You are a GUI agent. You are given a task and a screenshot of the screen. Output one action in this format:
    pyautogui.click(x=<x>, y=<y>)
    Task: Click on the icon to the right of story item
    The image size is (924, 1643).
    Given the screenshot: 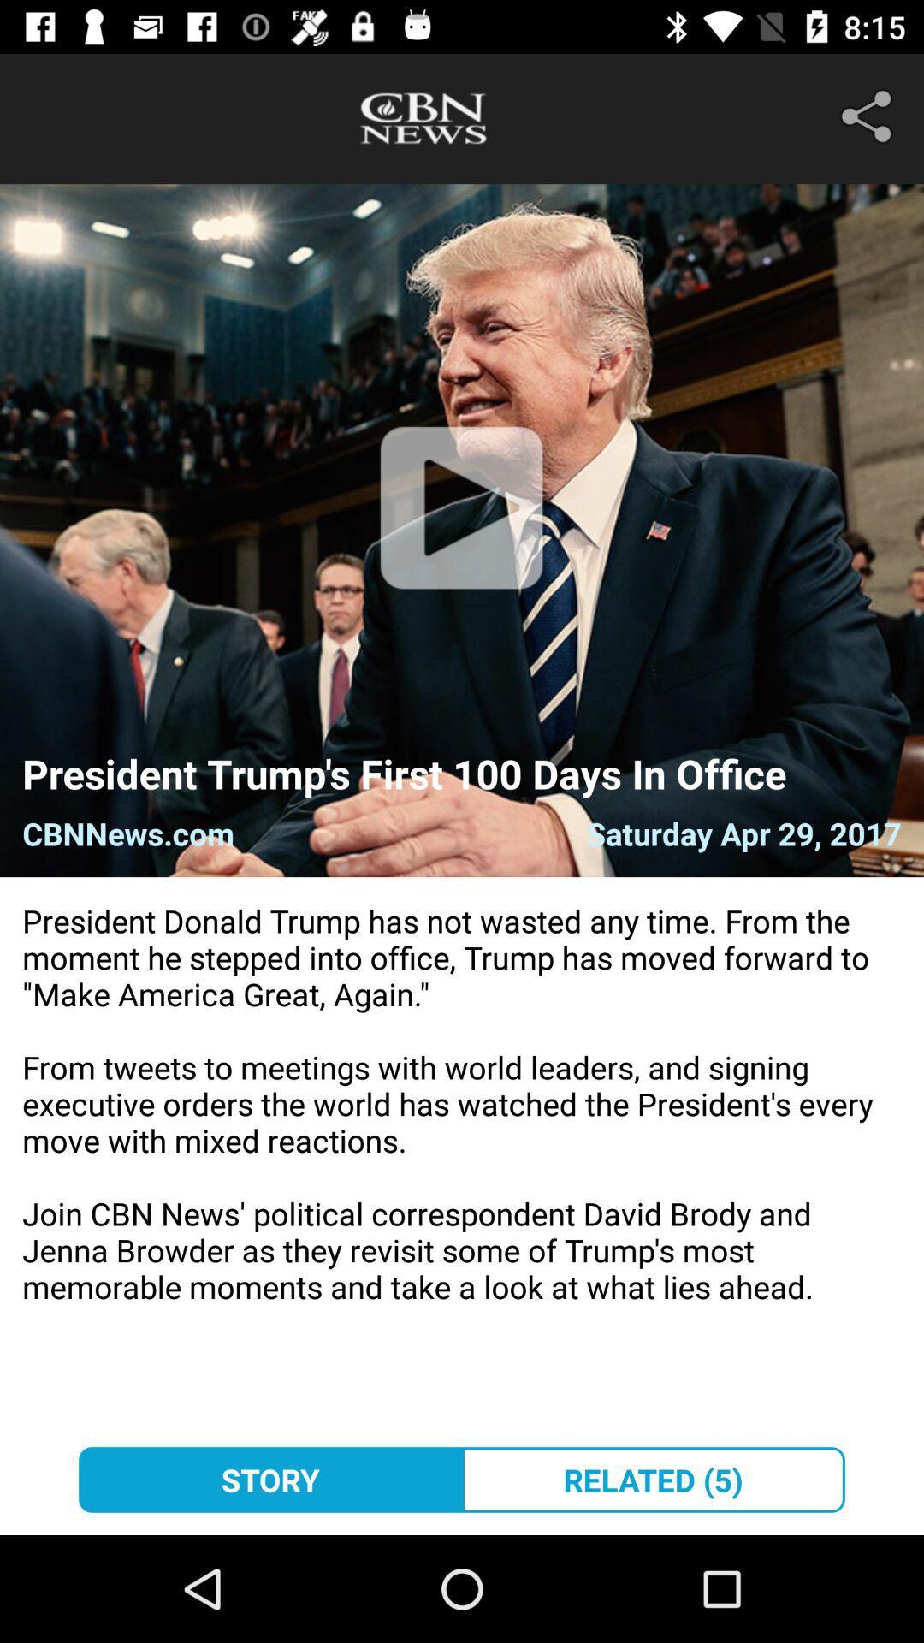 What is the action you would take?
    pyautogui.click(x=653, y=1479)
    